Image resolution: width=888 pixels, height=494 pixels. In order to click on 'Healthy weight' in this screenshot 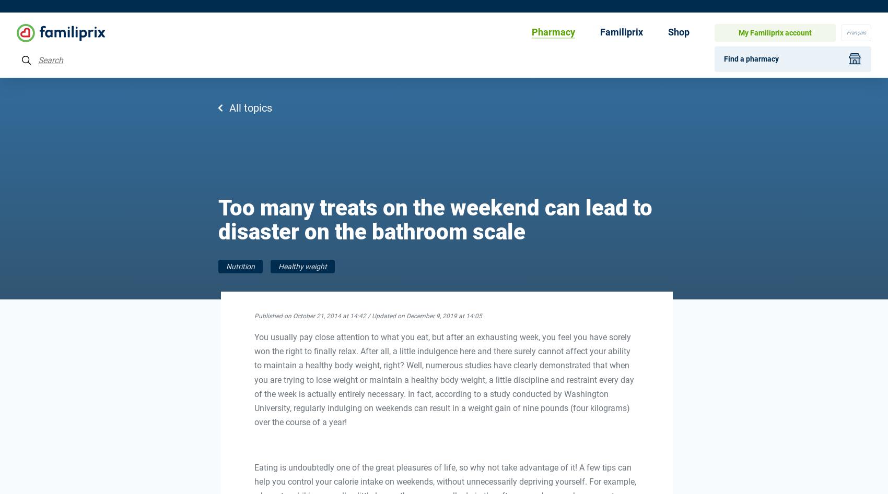, I will do `click(277, 266)`.